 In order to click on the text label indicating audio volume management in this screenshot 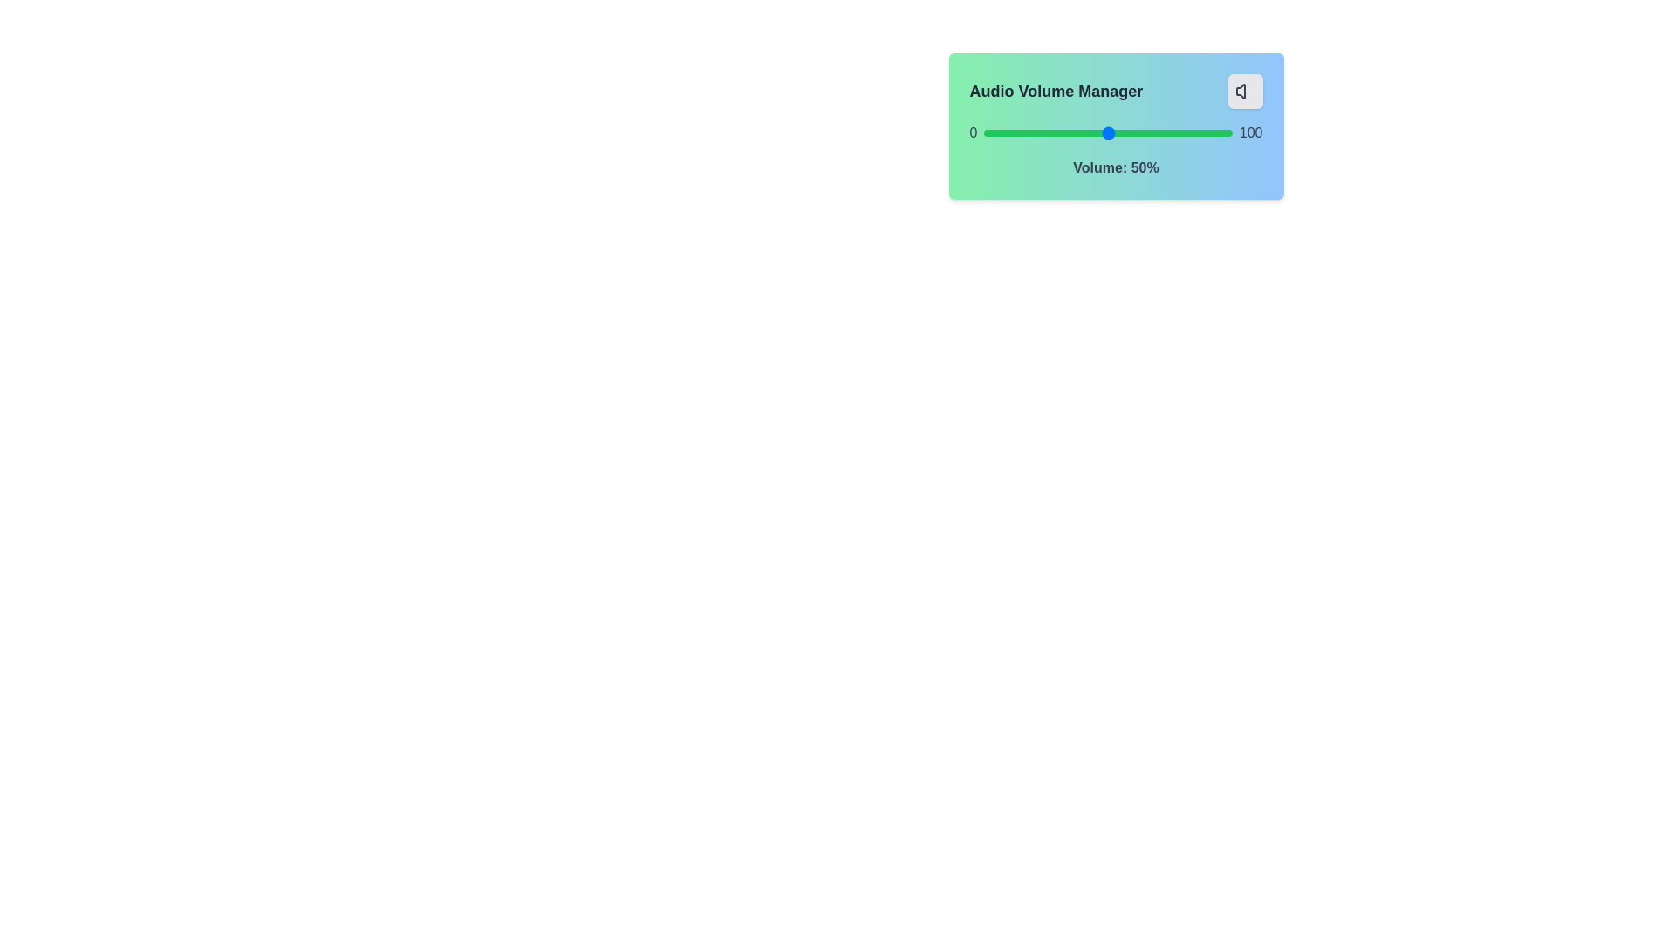, I will do `click(1055, 91)`.